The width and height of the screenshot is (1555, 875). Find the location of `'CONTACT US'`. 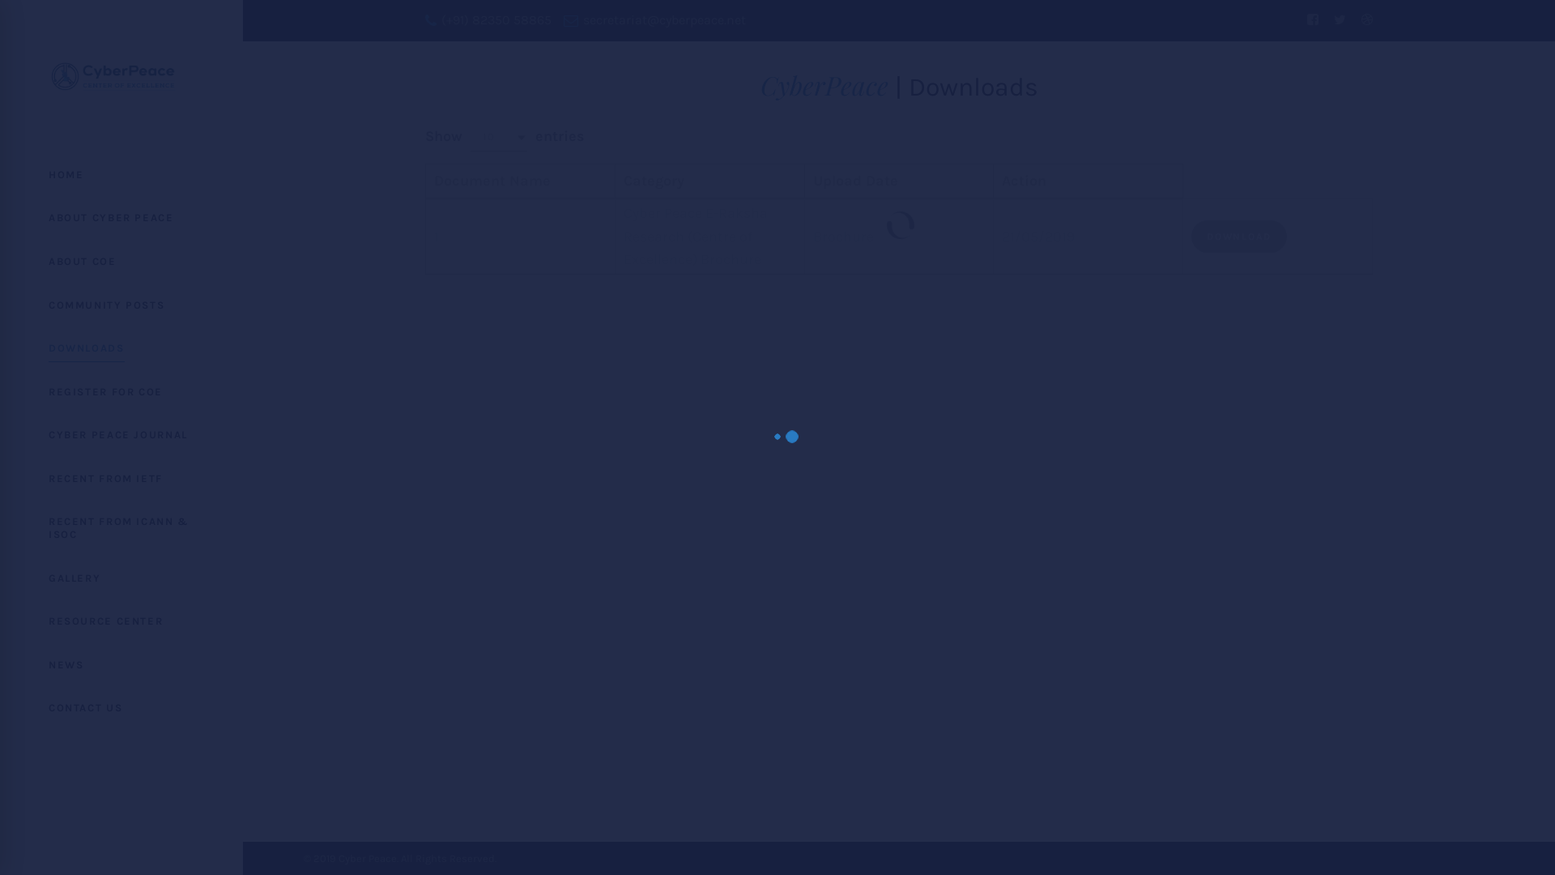

'CONTACT US' is located at coordinates (120, 707).